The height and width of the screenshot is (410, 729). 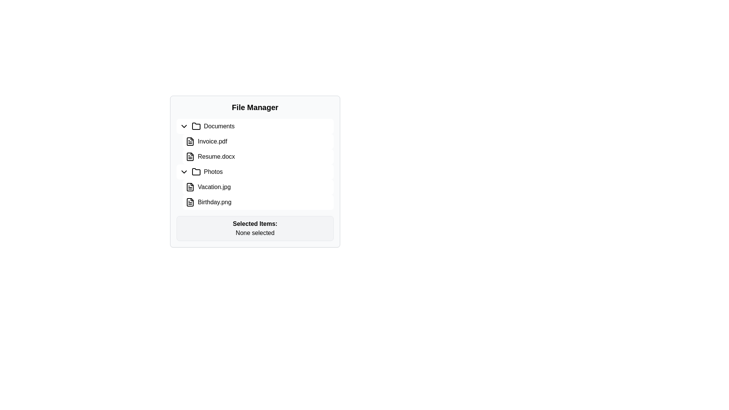 What do you see at coordinates (214, 202) in the screenshot?
I see `the selectable file item labeled 'Birthday.png'` at bounding box center [214, 202].